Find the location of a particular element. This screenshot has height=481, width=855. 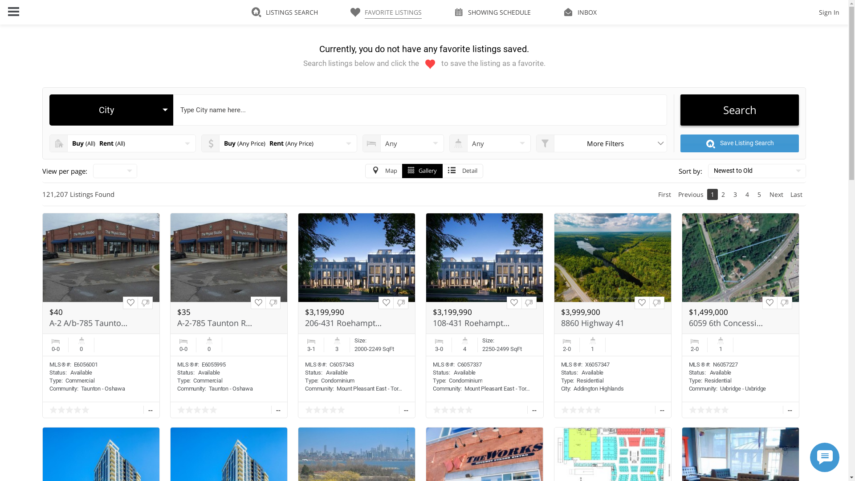

'Any' is located at coordinates (489, 143).